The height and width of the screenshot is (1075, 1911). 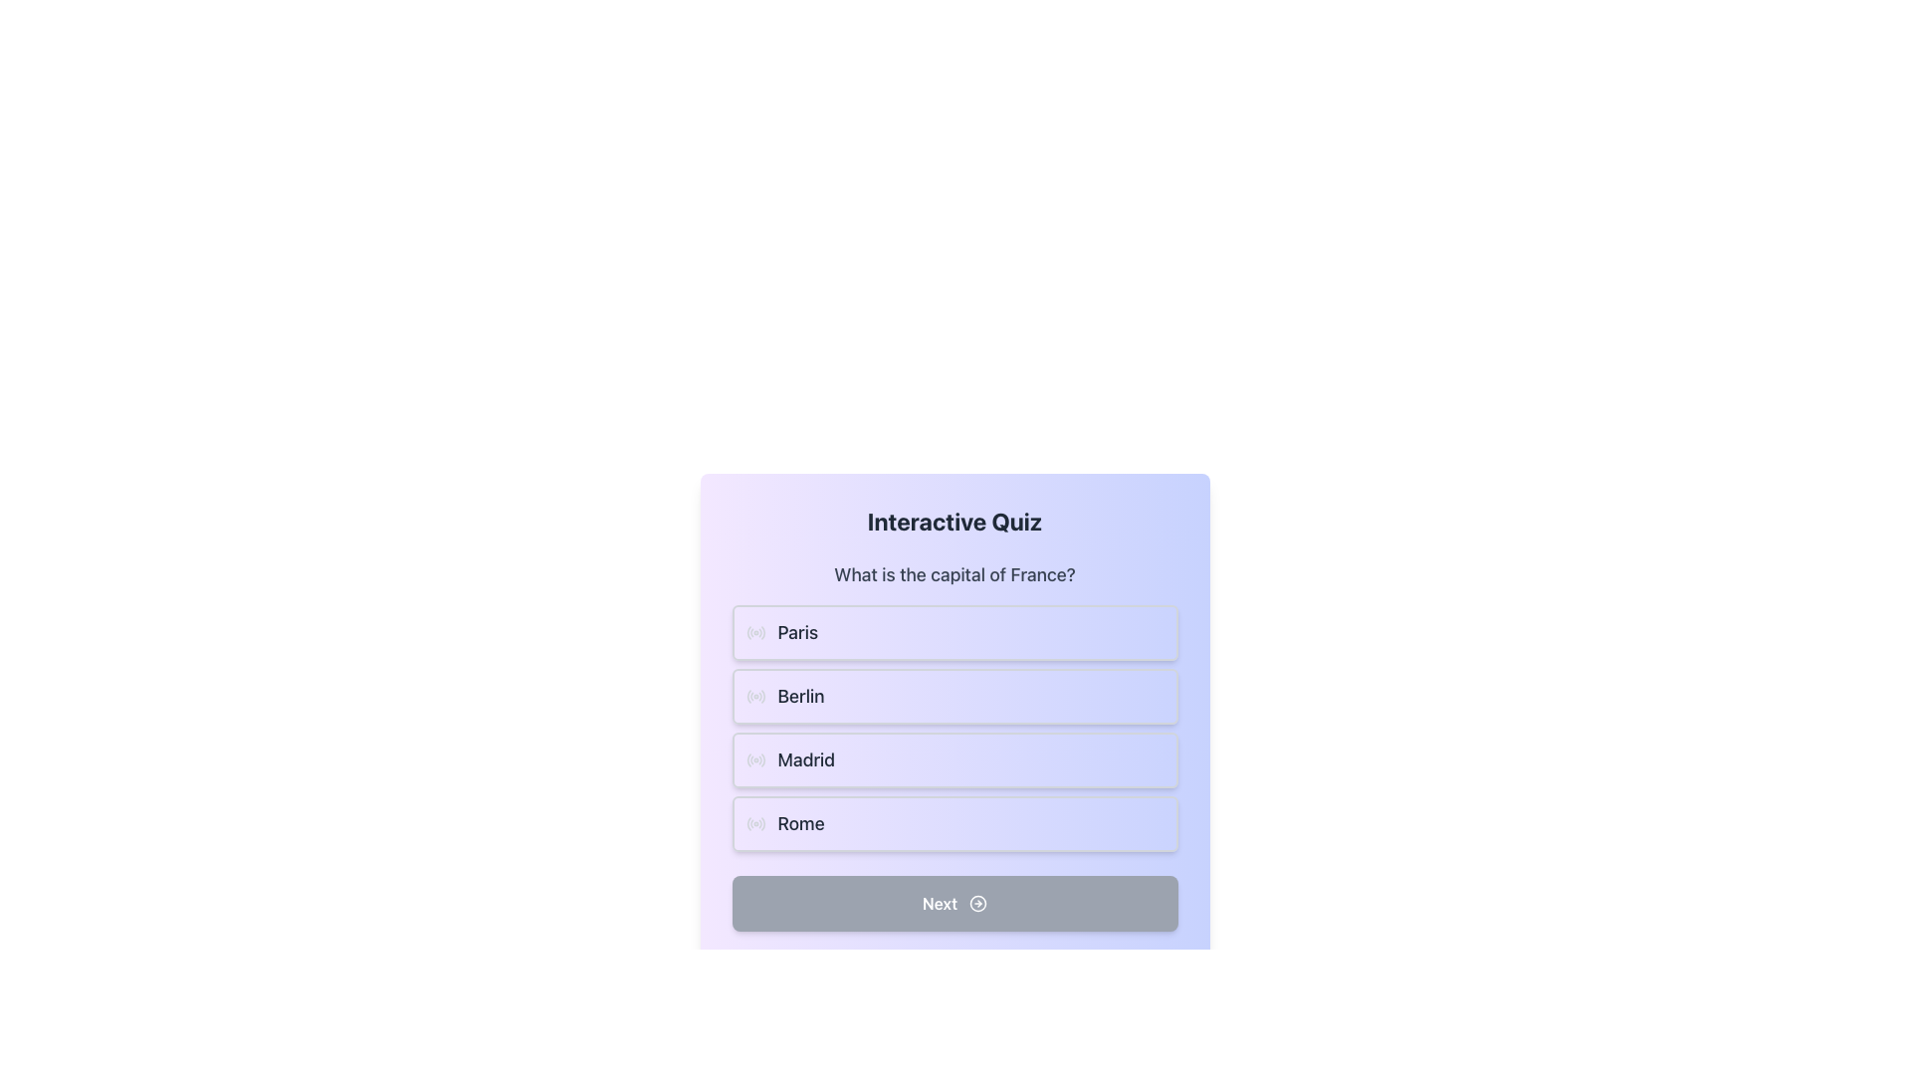 I want to click on the selected radio button for the option 'Berlin' in the quiz interface, so click(x=754, y=695).